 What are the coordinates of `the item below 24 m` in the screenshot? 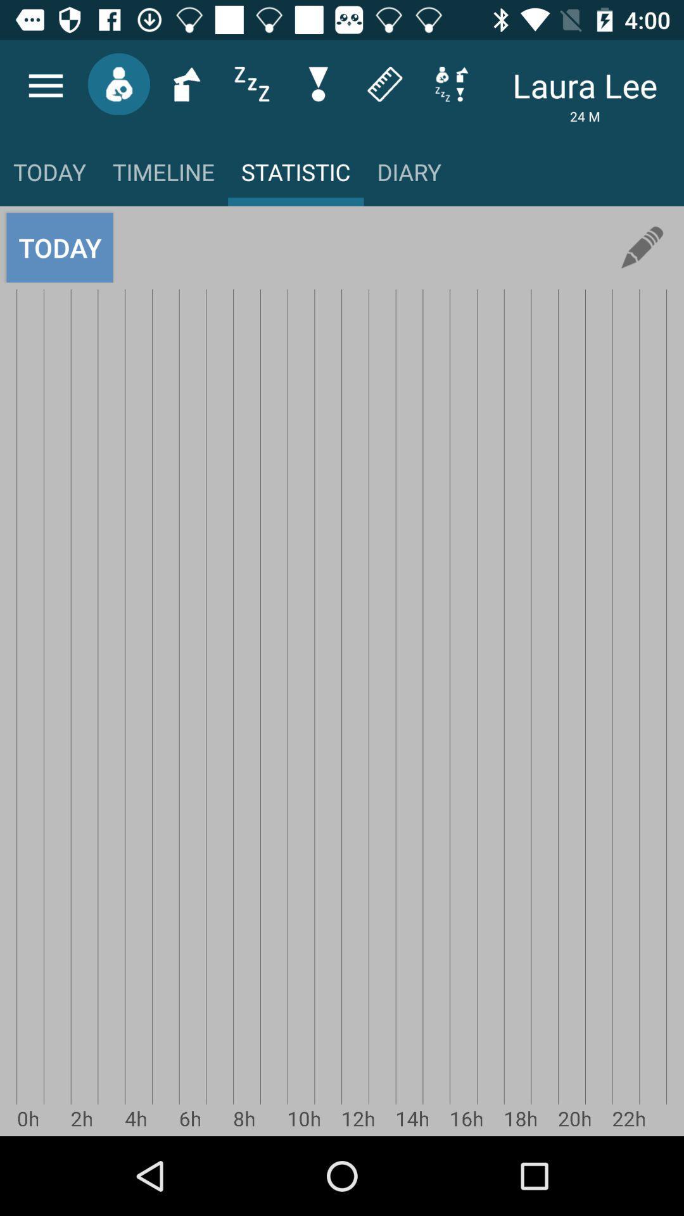 It's located at (642, 248).